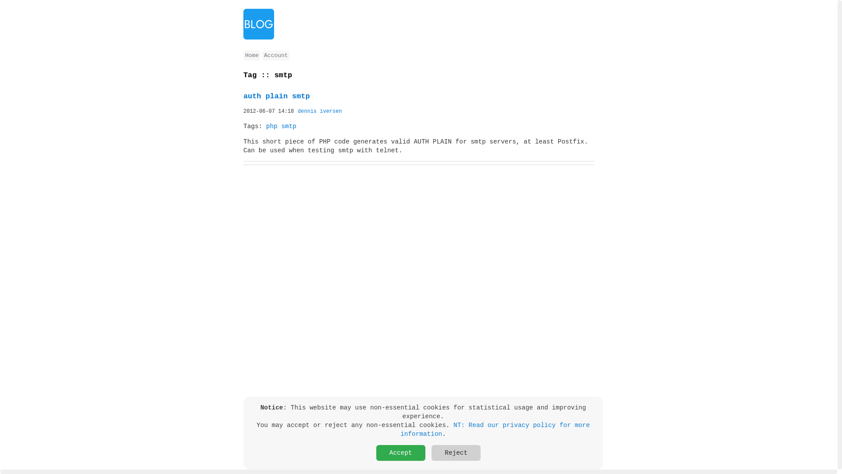  Describe the element at coordinates (265, 126) in the screenshot. I see `'php'` at that location.